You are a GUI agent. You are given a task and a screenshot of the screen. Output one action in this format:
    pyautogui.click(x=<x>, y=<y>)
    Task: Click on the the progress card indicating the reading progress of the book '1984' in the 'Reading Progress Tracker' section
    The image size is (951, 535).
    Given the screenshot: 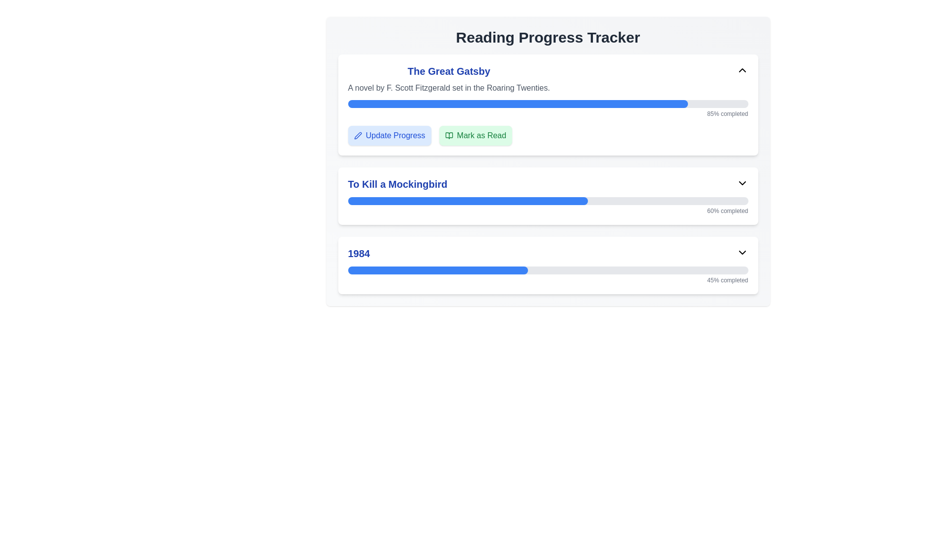 What is the action you would take?
    pyautogui.click(x=547, y=265)
    